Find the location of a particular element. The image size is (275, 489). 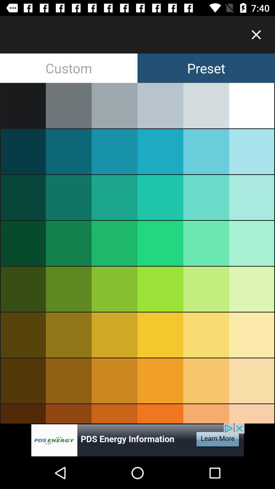

advertisement is located at coordinates (137, 440).